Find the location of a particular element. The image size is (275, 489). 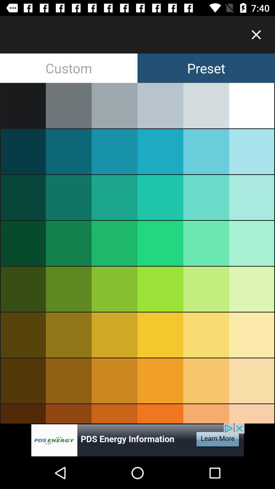

advertisement is located at coordinates (137, 440).